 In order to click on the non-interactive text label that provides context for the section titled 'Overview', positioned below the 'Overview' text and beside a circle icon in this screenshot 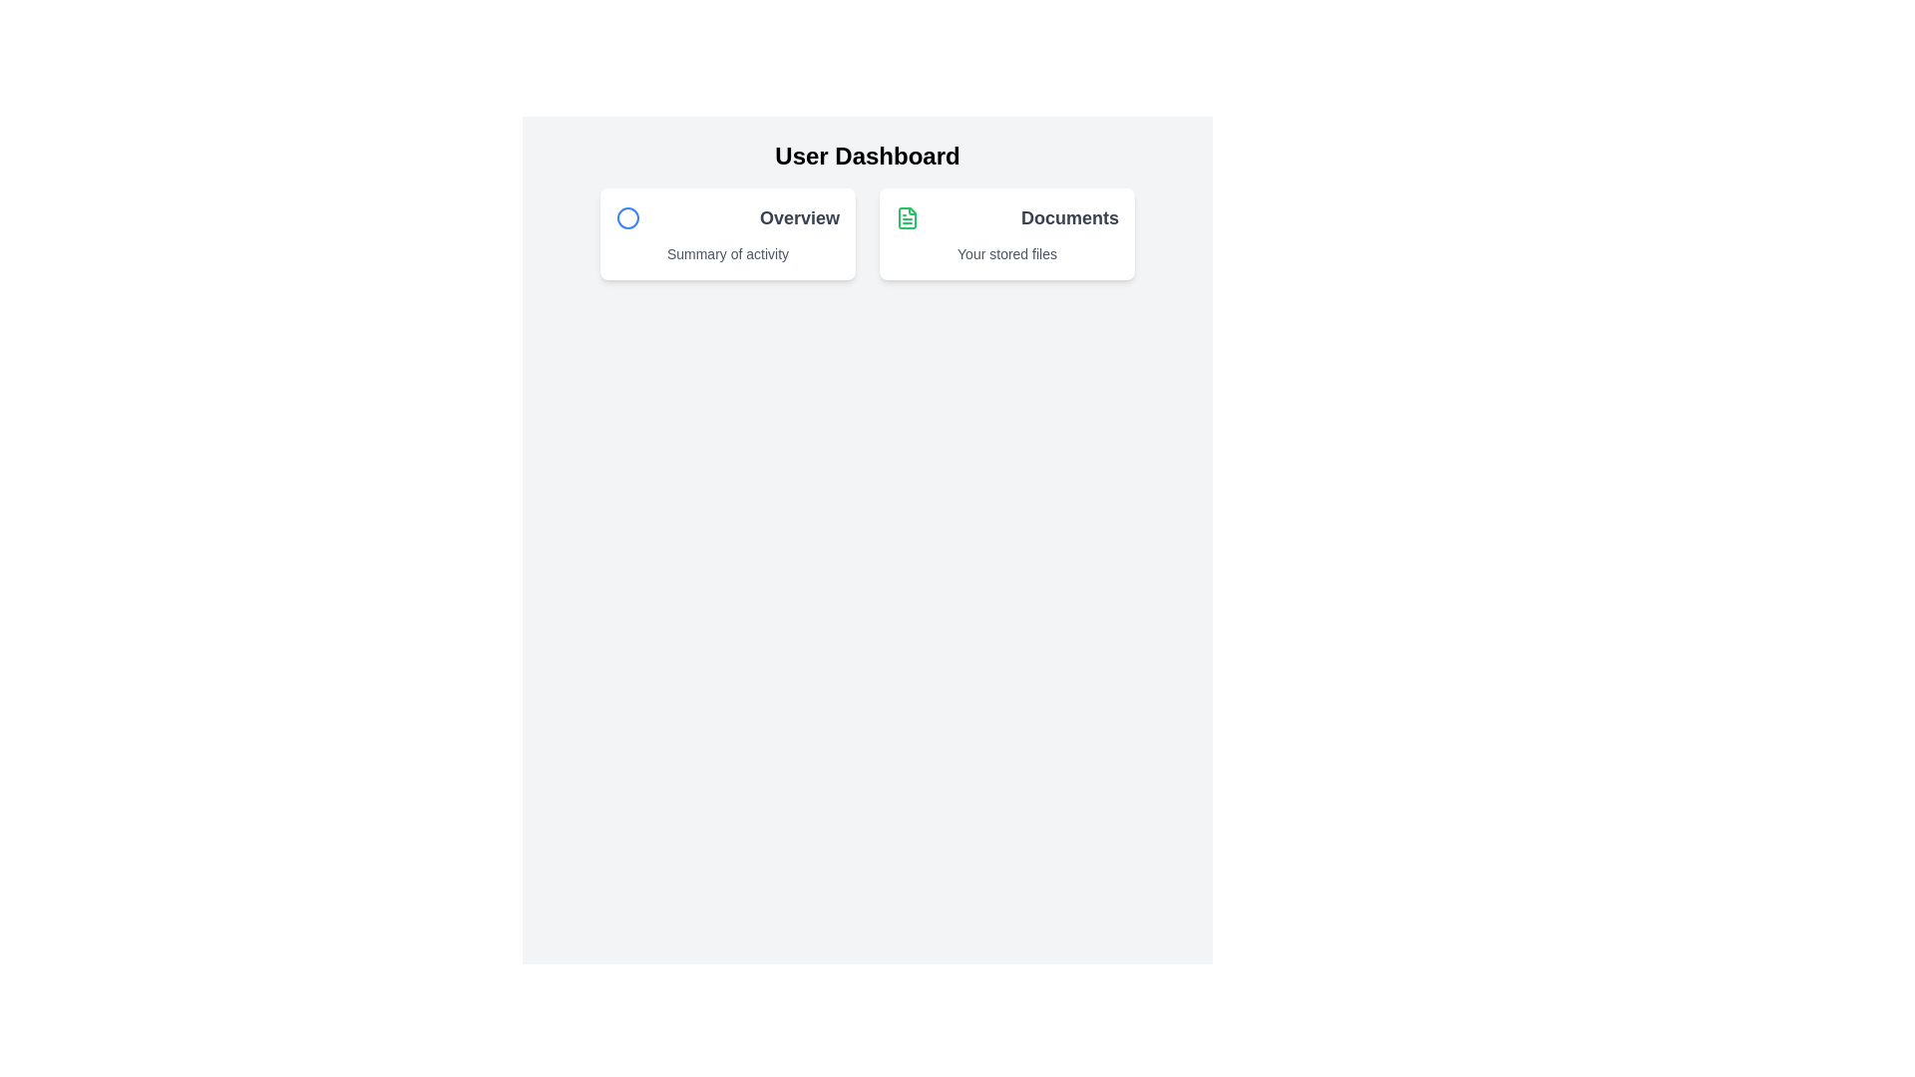, I will do `click(726, 252)`.